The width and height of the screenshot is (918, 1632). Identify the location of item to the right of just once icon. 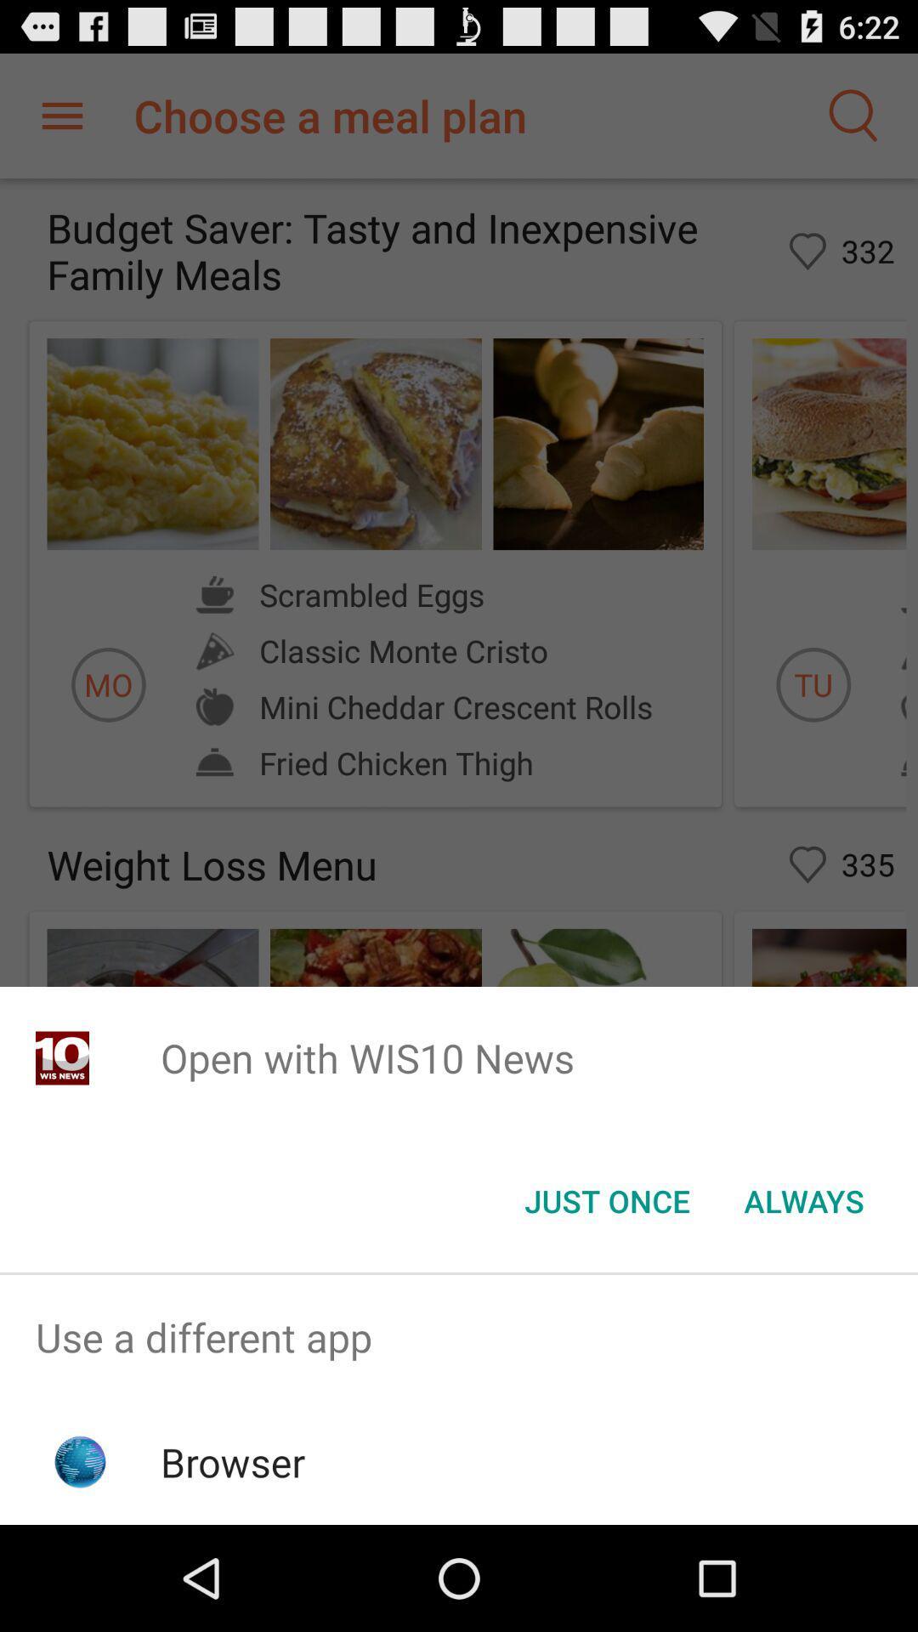
(803, 1199).